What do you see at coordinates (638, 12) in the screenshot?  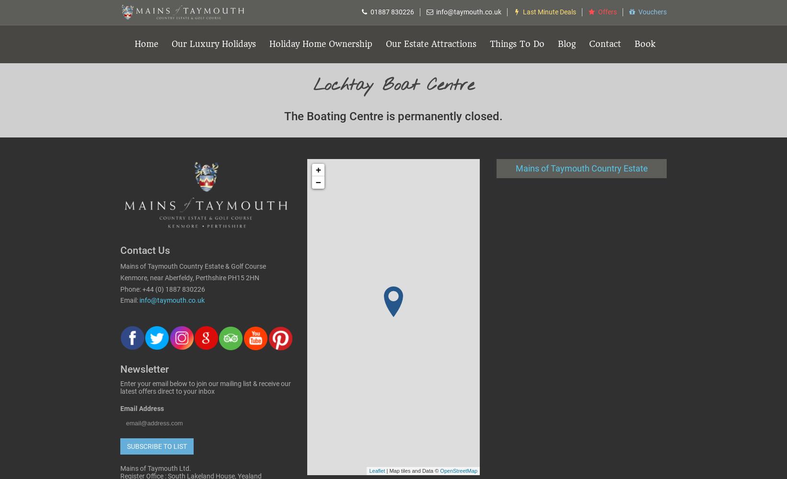 I see `'Vouchers'` at bounding box center [638, 12].